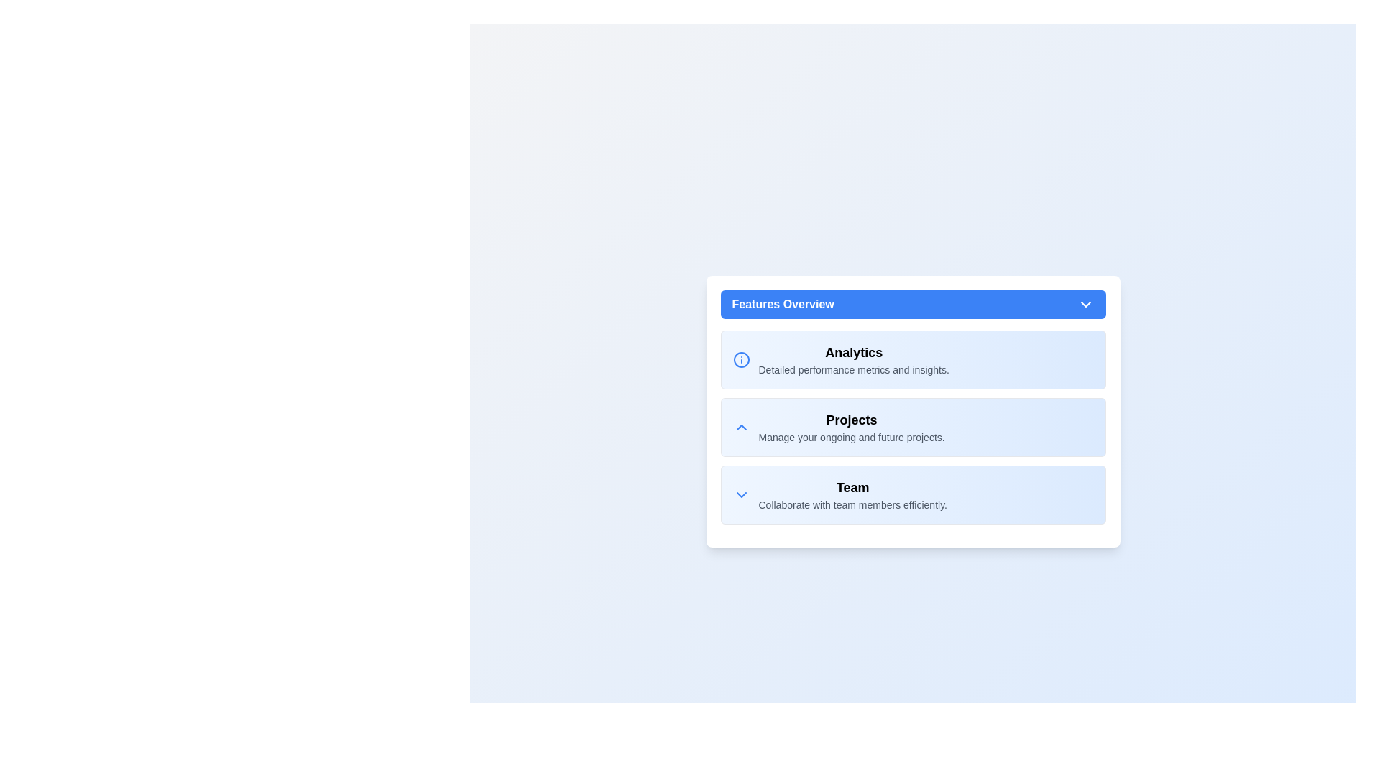 This screenshot has width=1380, height=776. What do you see at coordinates (852, 486) in the screenshot?
I see `text label titled 'Team' which serves as the section title in the Features Overview card` at bounding box center [852, 486].